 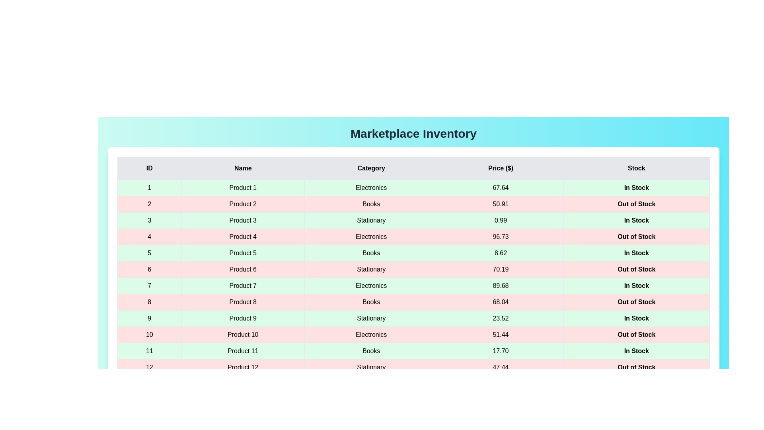 I want to click on the cell containing the text 'Product 2' to select it, so click(x=242, y=204).